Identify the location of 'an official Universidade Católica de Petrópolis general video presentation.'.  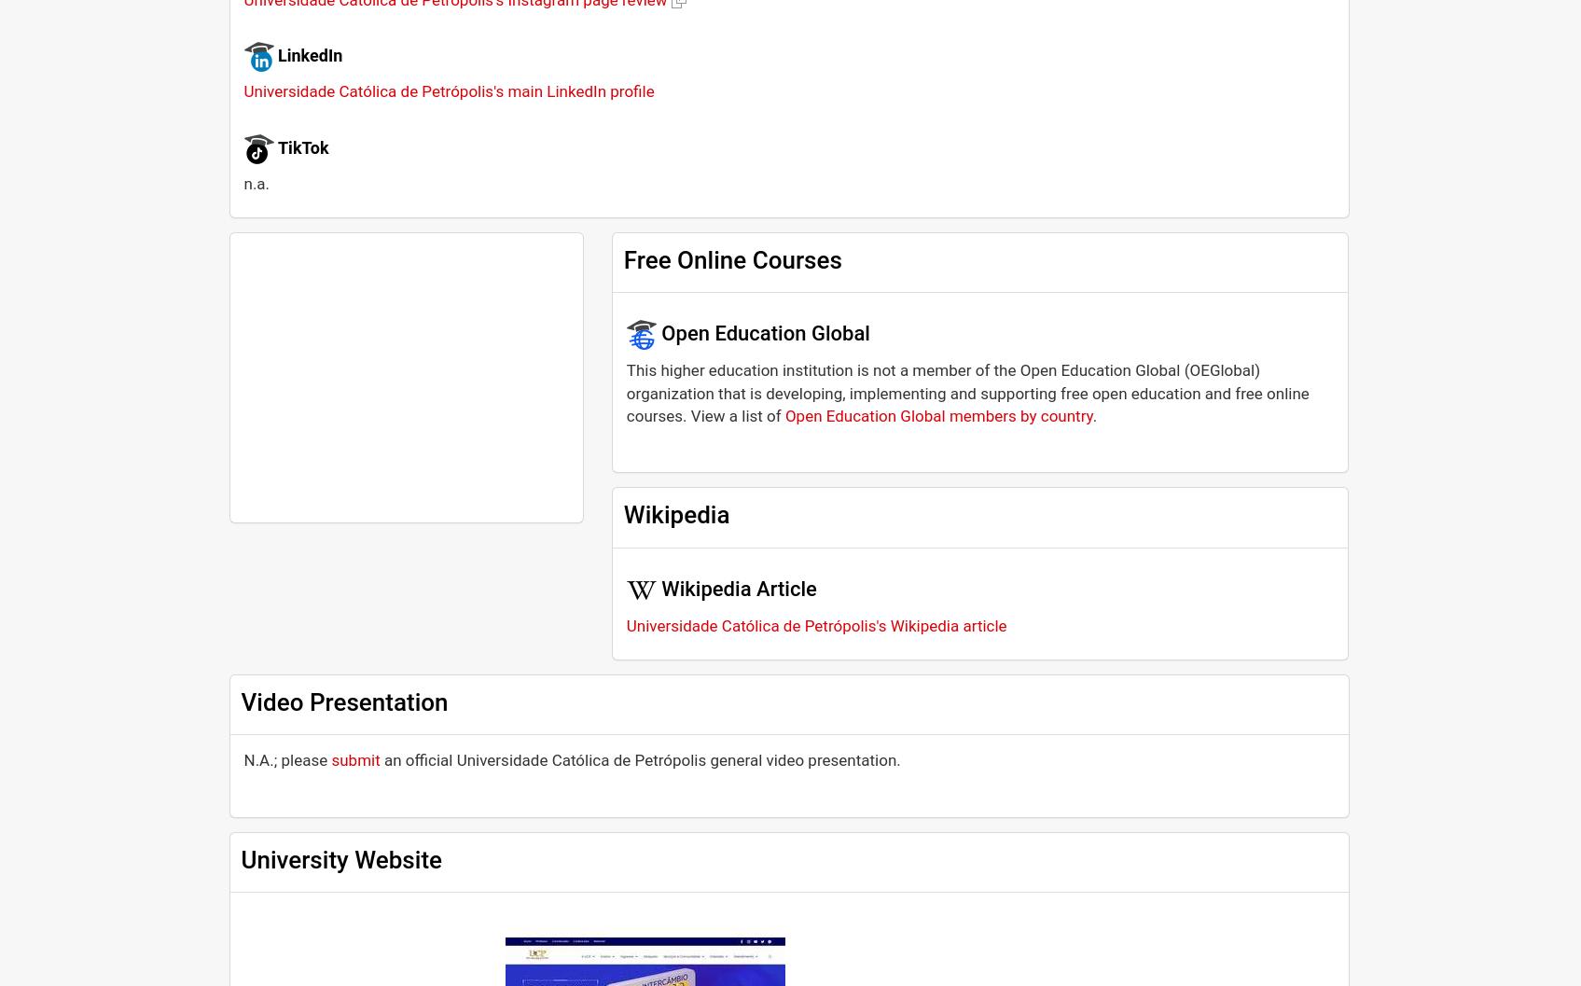
(639, 760).